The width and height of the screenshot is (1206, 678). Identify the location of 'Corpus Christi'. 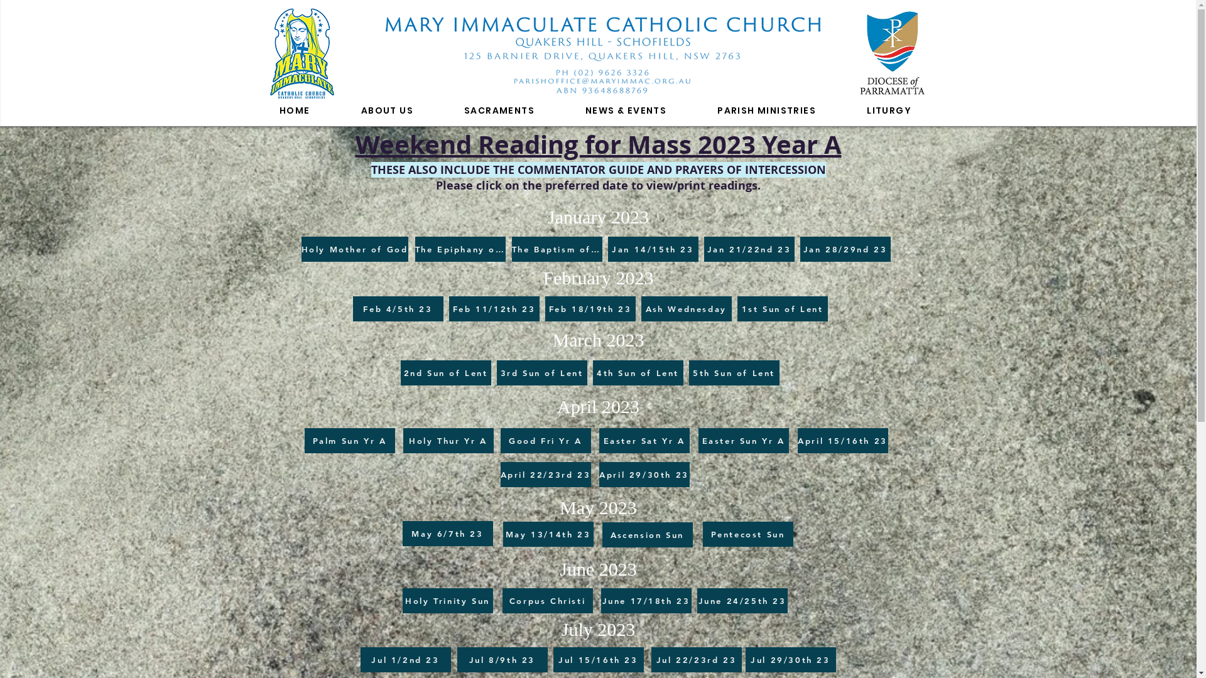
(548, 600).